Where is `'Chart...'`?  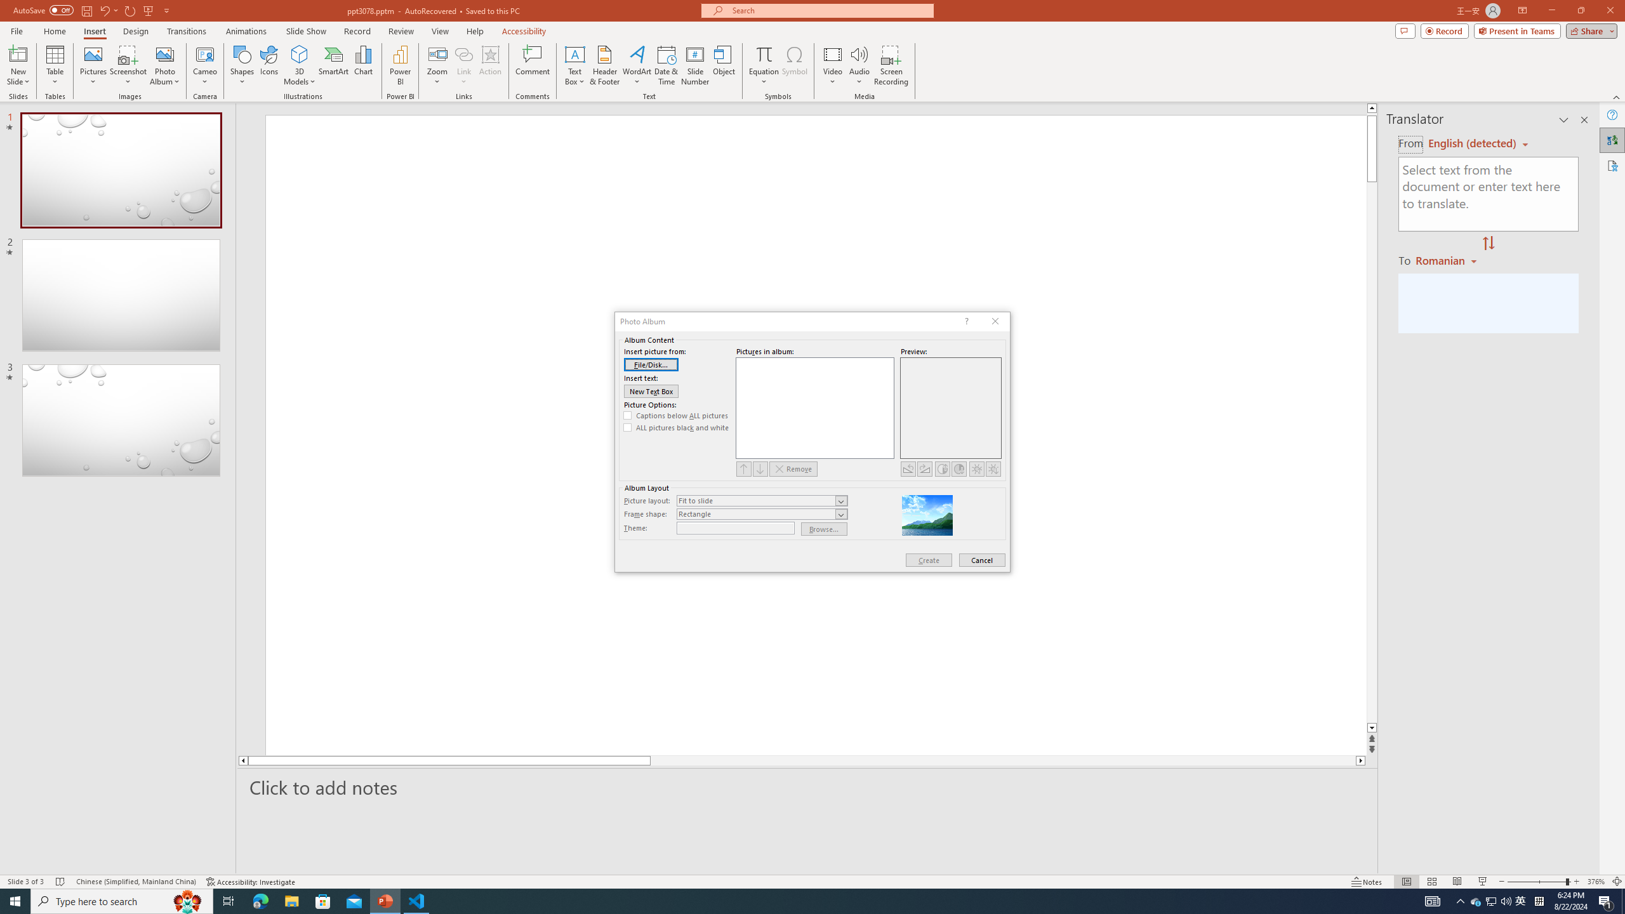
'Chart...' is located at coordinates (363, 65).